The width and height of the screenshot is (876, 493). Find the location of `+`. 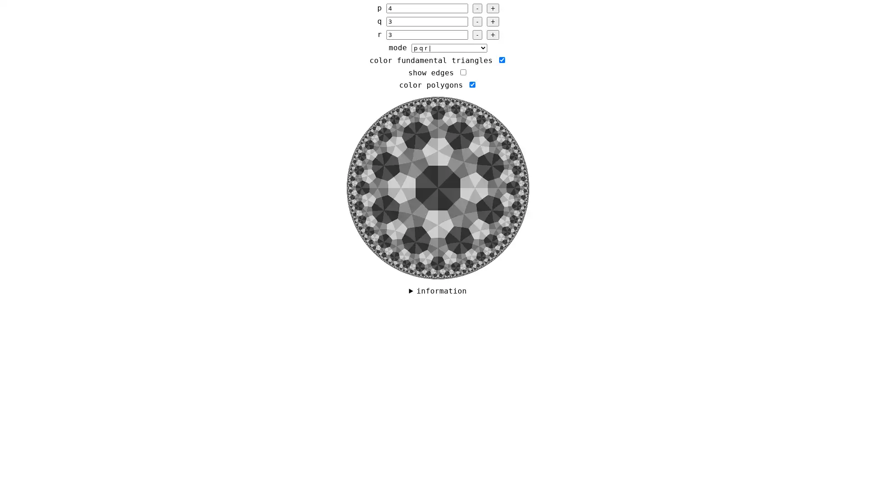

+ is located at coordinates (492, 34).